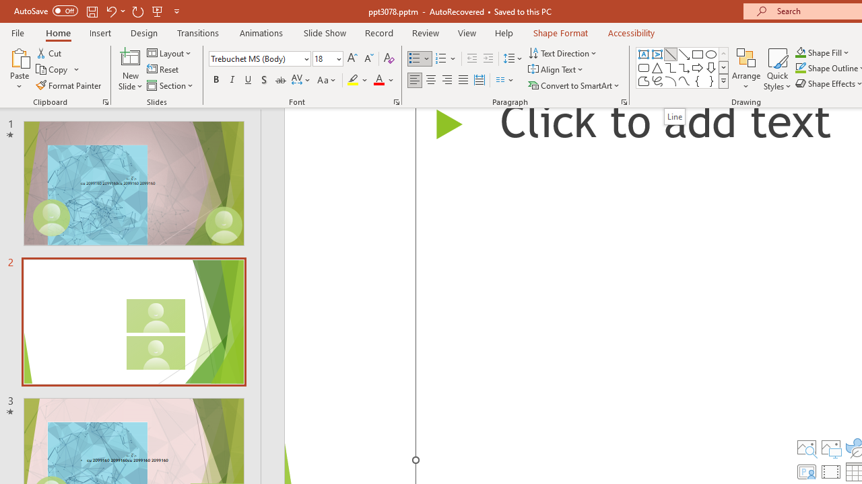 This screenshot has width=862, height=484. I want to click on 'Freeform: Scribble', so click(657, 81).